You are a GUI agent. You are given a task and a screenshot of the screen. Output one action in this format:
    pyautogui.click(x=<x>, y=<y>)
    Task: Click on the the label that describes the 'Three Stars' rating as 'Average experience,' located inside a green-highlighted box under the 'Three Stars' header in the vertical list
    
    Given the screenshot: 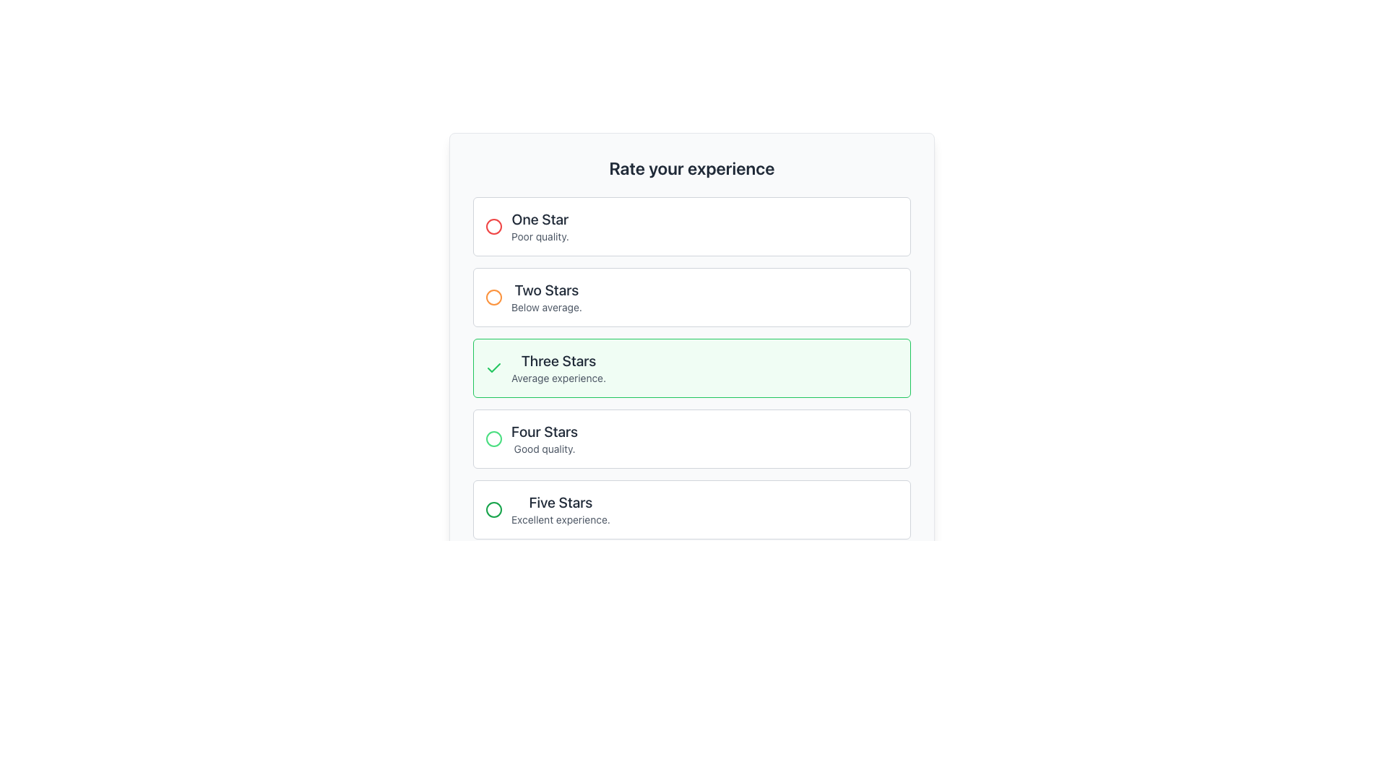 What is the action you would take?
    pyautogui.click(x=558, y=378)
    